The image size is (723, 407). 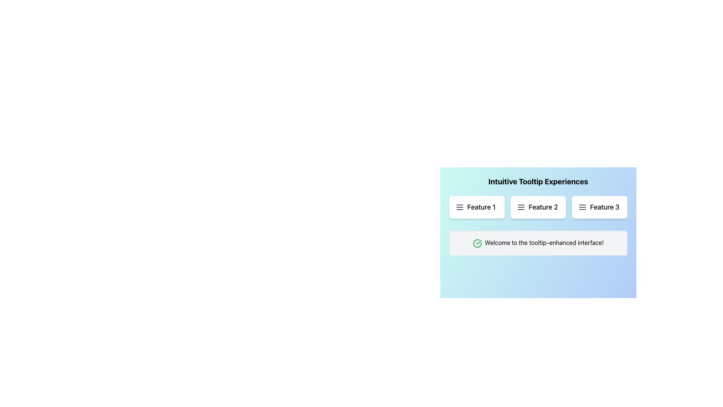 What do you see at coordinates (538, 207) in the screenshot?
I see `the 'Feature 2' button-like card, which is the second card in a group of three horizontally arranged cards, to visualize its hover effects` at bounding box center [538, 207].